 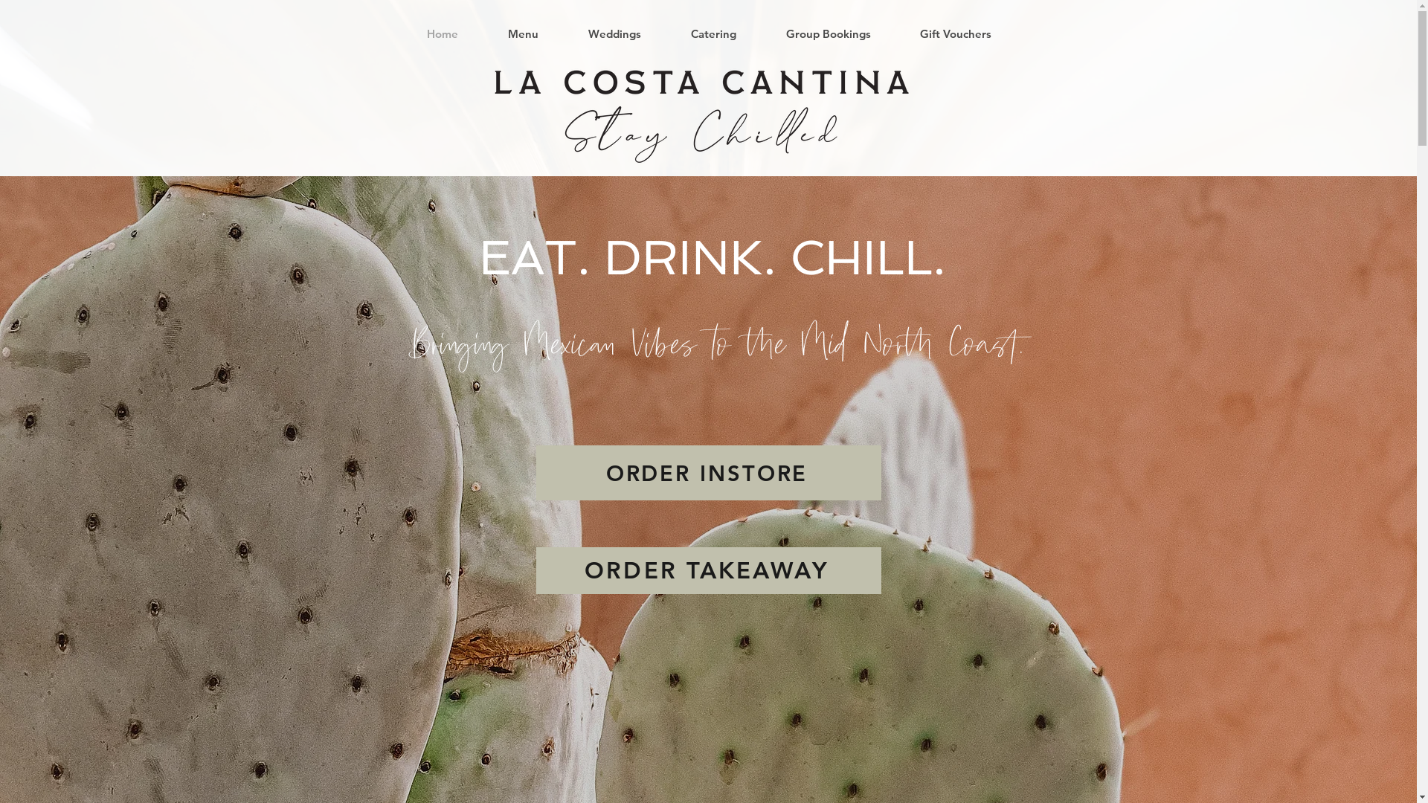 What do you see at coordinates (524, 33) in the screenshot?
I see `'Menu'` at bounding box center [524, 33].